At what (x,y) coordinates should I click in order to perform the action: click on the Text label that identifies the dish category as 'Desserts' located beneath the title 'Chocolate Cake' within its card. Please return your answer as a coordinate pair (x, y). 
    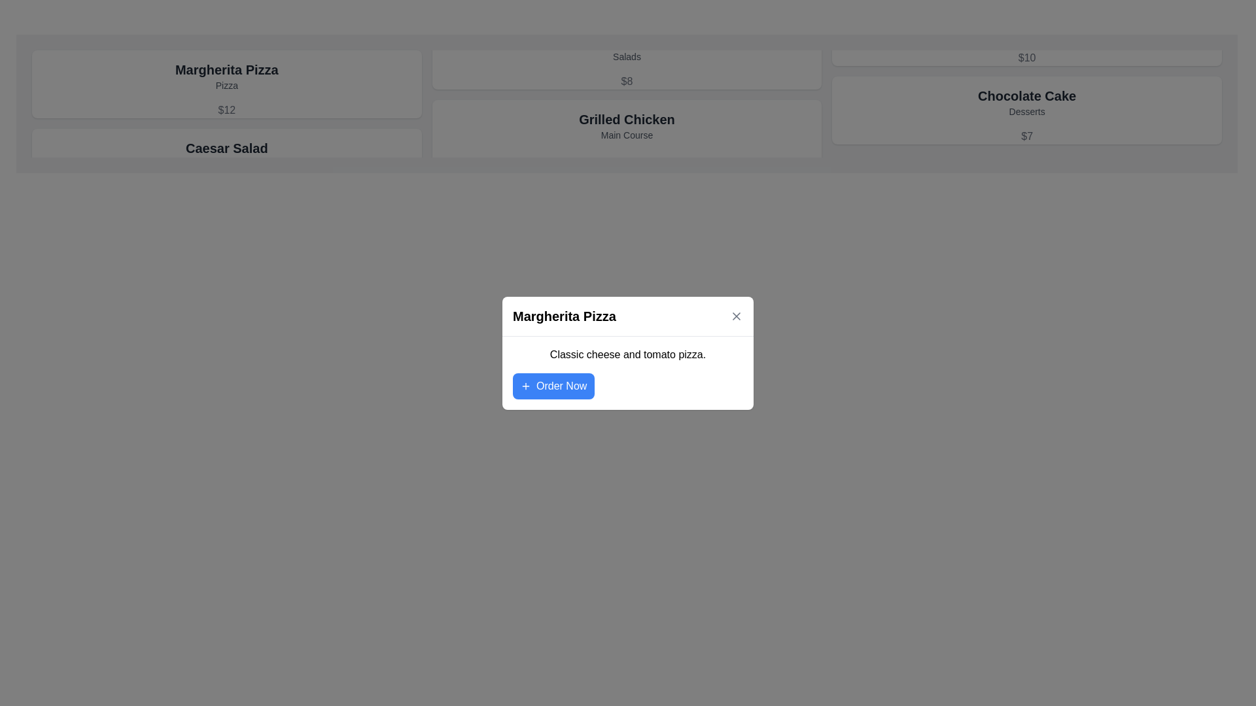
    Looking at the image, I should click on (1026, 110).